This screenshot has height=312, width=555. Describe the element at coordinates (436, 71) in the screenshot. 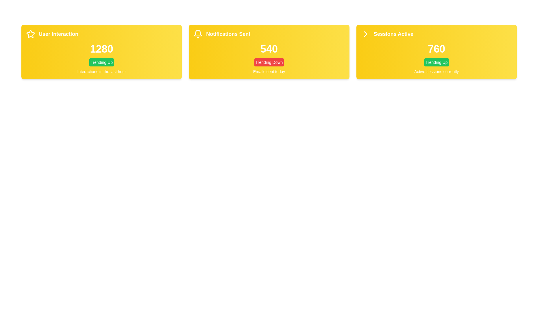

I see `the static text element that provides context about the active sessions displayed in the yellow gradient panel labeled 'Sessions Active'` at that location.